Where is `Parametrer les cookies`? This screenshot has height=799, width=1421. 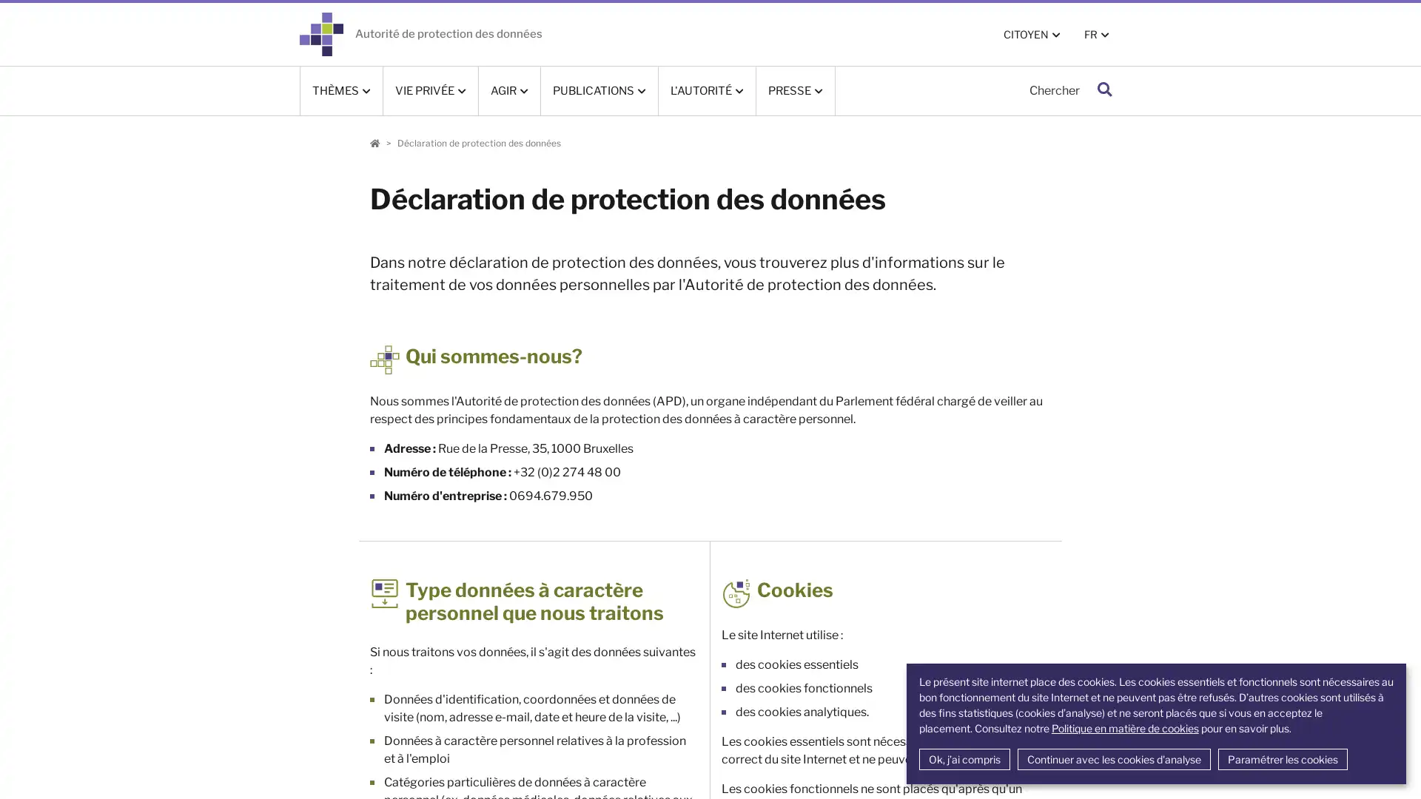 Parametrer les cookies is located at coordinates (1281, 759).